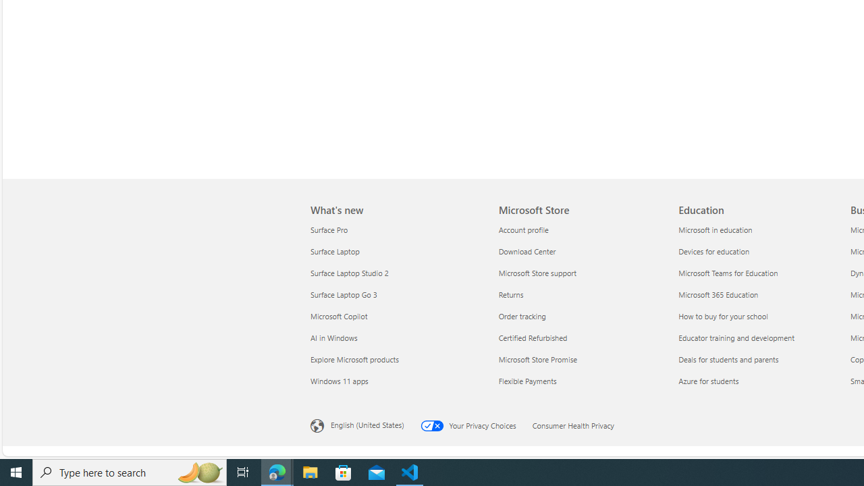 This screenshot has height=486, width=864. Describe the element at coordinates (760, 337) in the screenshot. I see `'Educator training and development'` at that location.